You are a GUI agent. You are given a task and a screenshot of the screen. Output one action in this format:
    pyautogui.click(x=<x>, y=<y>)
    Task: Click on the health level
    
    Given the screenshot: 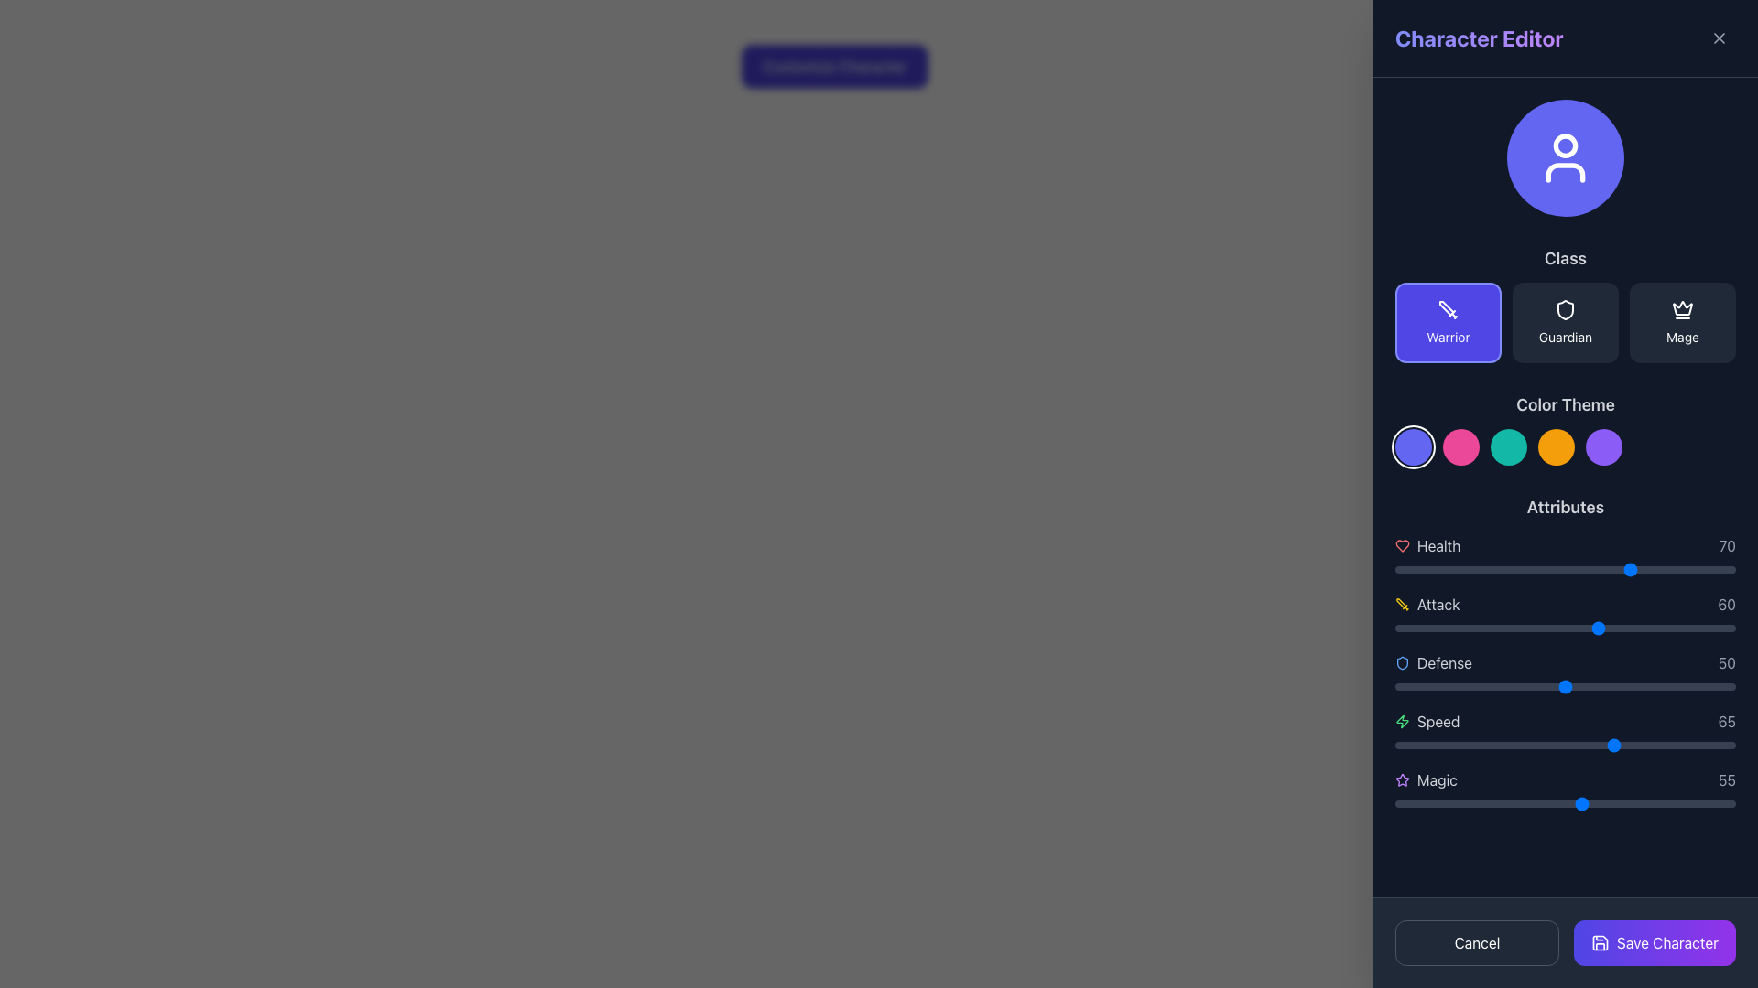 What is the action you would take?
    pyautogui.click(x=1595, y=569)
    